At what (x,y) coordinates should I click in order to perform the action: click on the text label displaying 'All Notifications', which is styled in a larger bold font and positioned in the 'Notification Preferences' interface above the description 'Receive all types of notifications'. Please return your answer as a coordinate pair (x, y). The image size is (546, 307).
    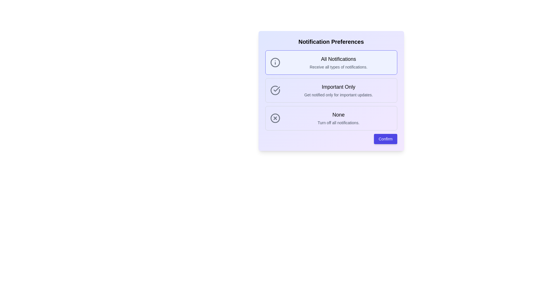
    Looking at the image, I should click on (338, 59).